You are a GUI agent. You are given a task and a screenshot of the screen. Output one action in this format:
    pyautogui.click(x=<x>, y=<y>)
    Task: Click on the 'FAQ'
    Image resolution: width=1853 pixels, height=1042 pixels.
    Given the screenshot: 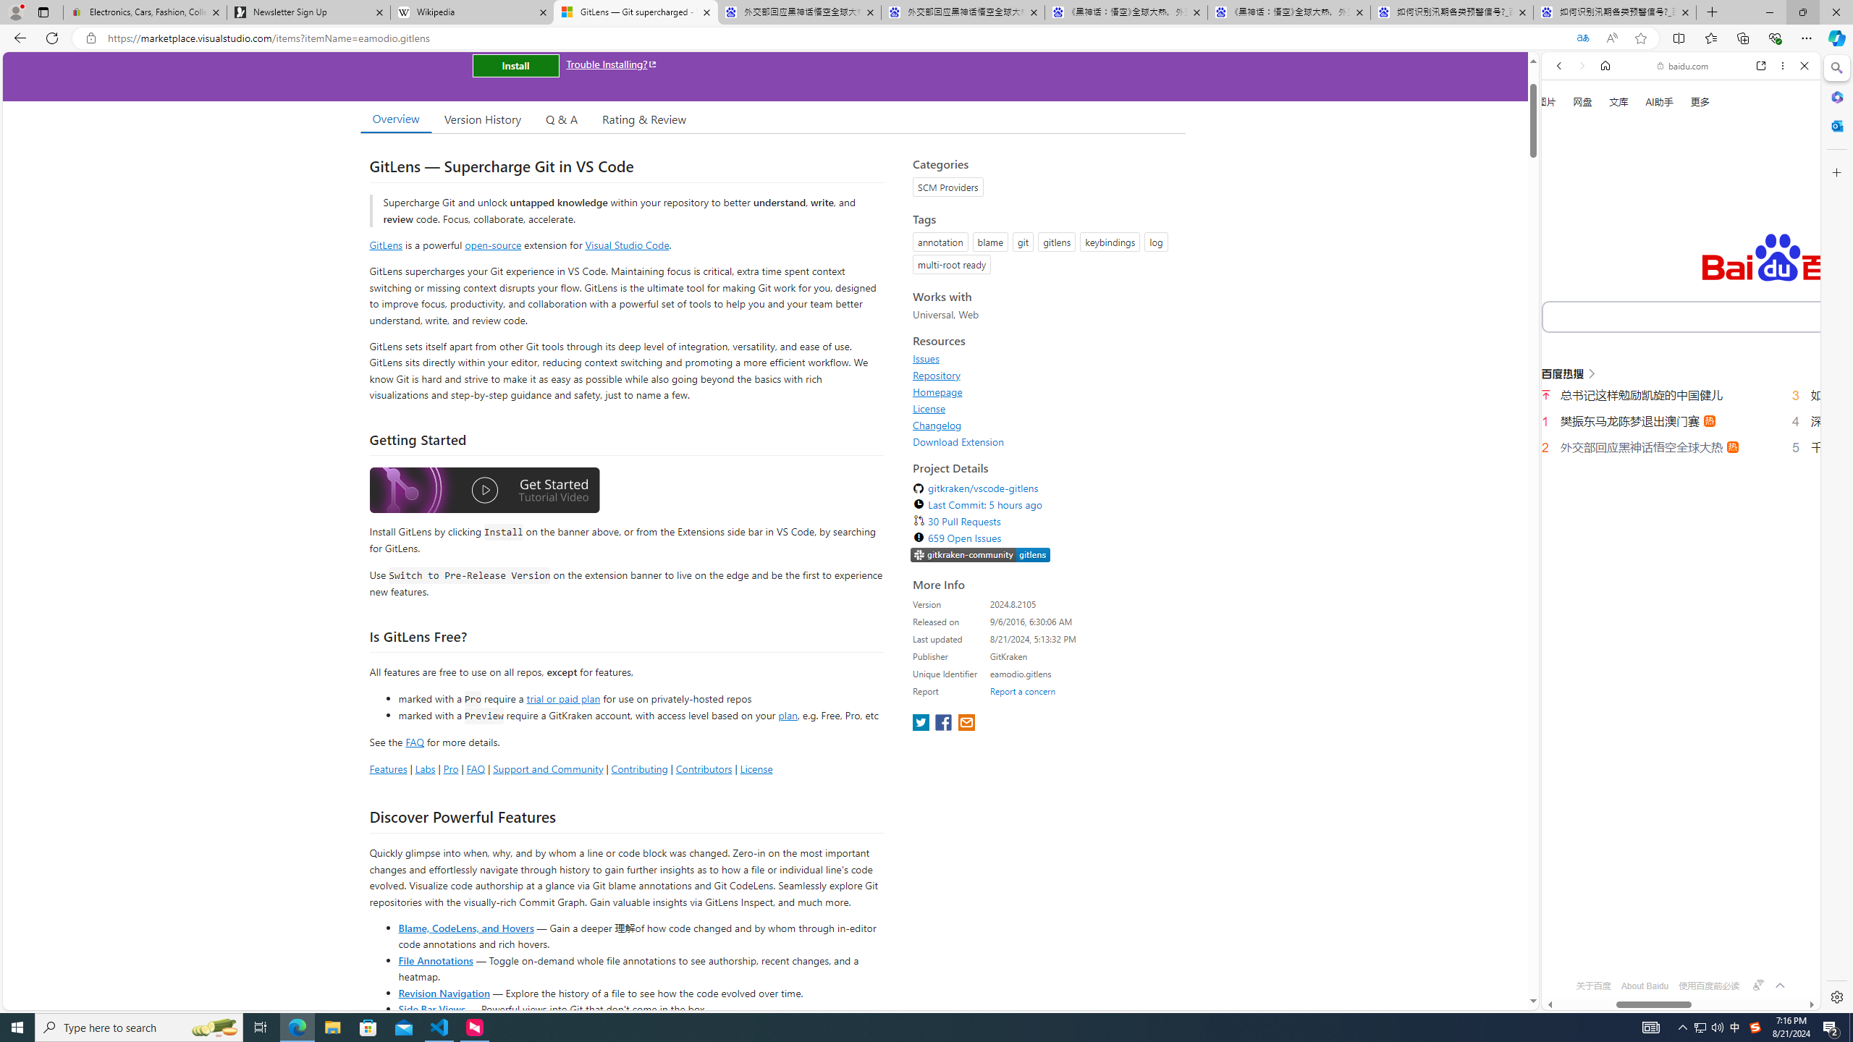 What is the action you would take?
    pyautogui.click(x=475, y=768)
    